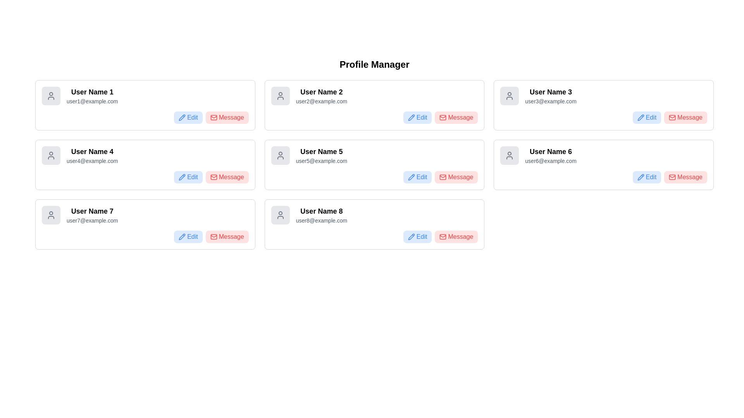  Describe the element at coordinates (651, 118) in the screenshot. I see `text displayed in the 'Edit' label, which is styled in blue and has a rounded background, located next to a pencil icon under the 'User Name 3' card` at that location.